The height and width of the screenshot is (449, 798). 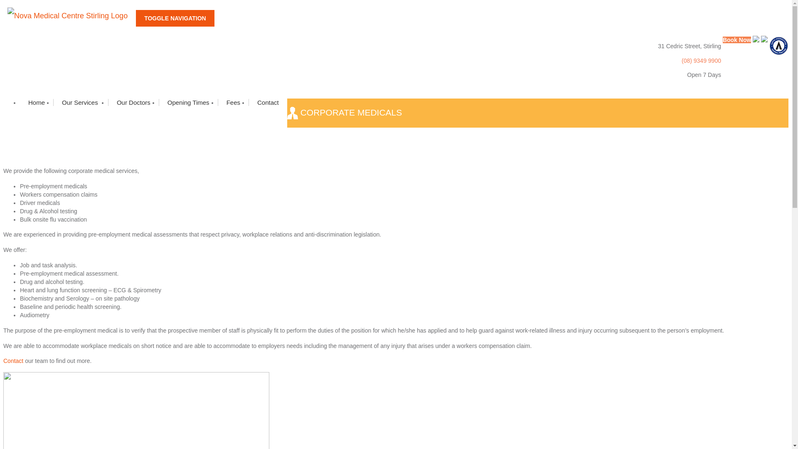 What do you see at coordinates (69, 16) in the screenshot?
I see `'Nova Medical Centre Stirling'` at bounding box center [69, 16].